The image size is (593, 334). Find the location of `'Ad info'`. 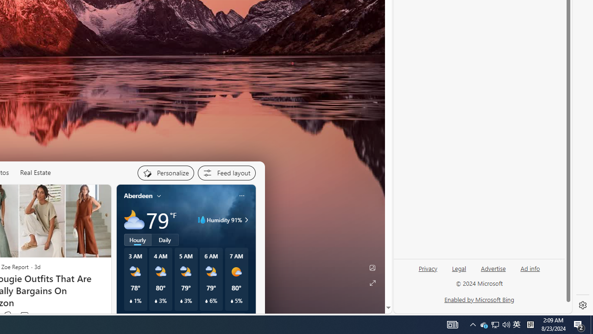

'Ad info' is located at coordinates (530, 269).